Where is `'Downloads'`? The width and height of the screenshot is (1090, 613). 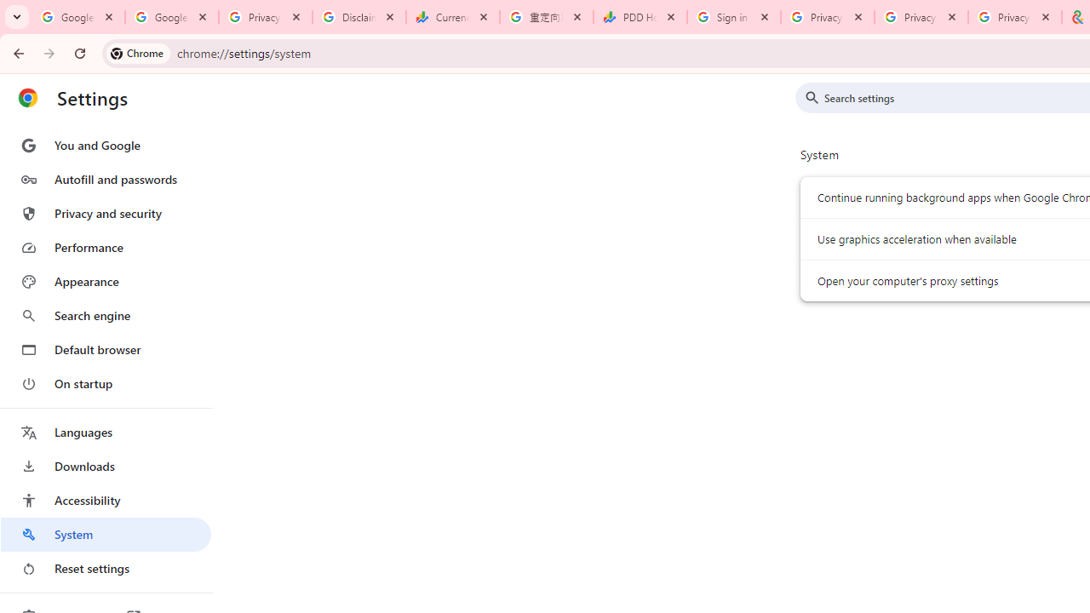 'Downloads' is located at coordinates (105, 466).